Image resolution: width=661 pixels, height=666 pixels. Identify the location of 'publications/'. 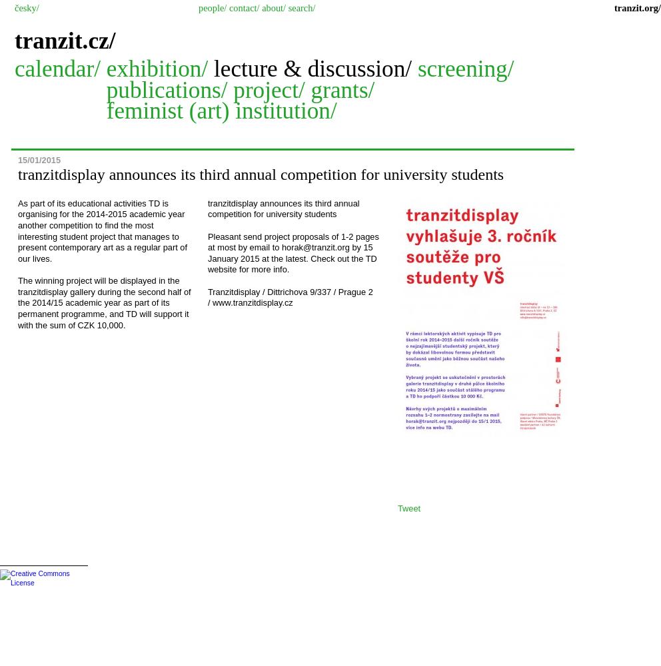
(169, 89).